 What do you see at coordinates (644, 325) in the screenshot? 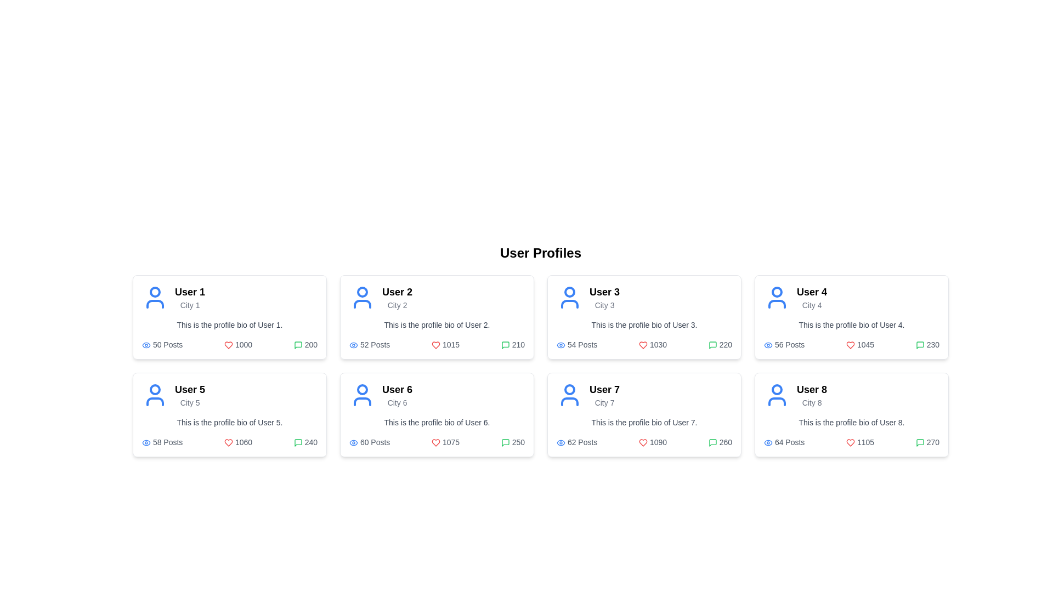
I see `text displayed in the text block labeled 'This is the profile bio of User 3.' which is positioned beneath the heading 'User 3' and above the metrics row in the third card of the profile grid` at bounding box center [644, 325].